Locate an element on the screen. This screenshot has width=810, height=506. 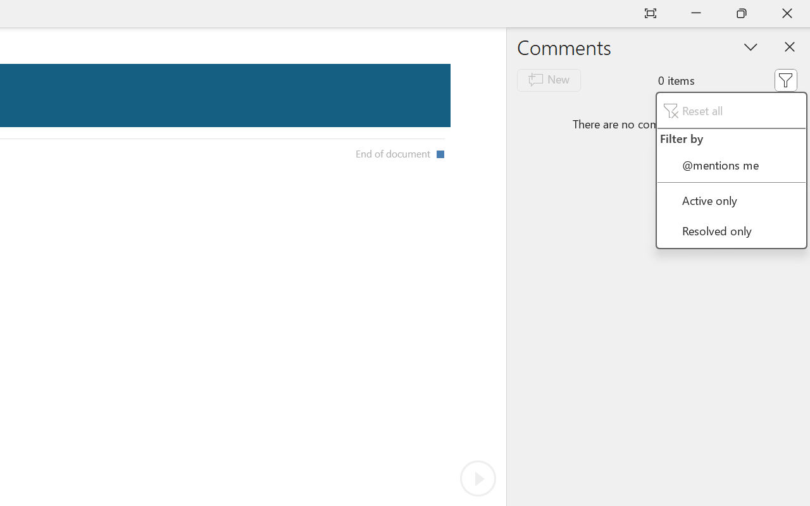
'Class: Net UI Tool Window' is located at coordinates (731, 170).